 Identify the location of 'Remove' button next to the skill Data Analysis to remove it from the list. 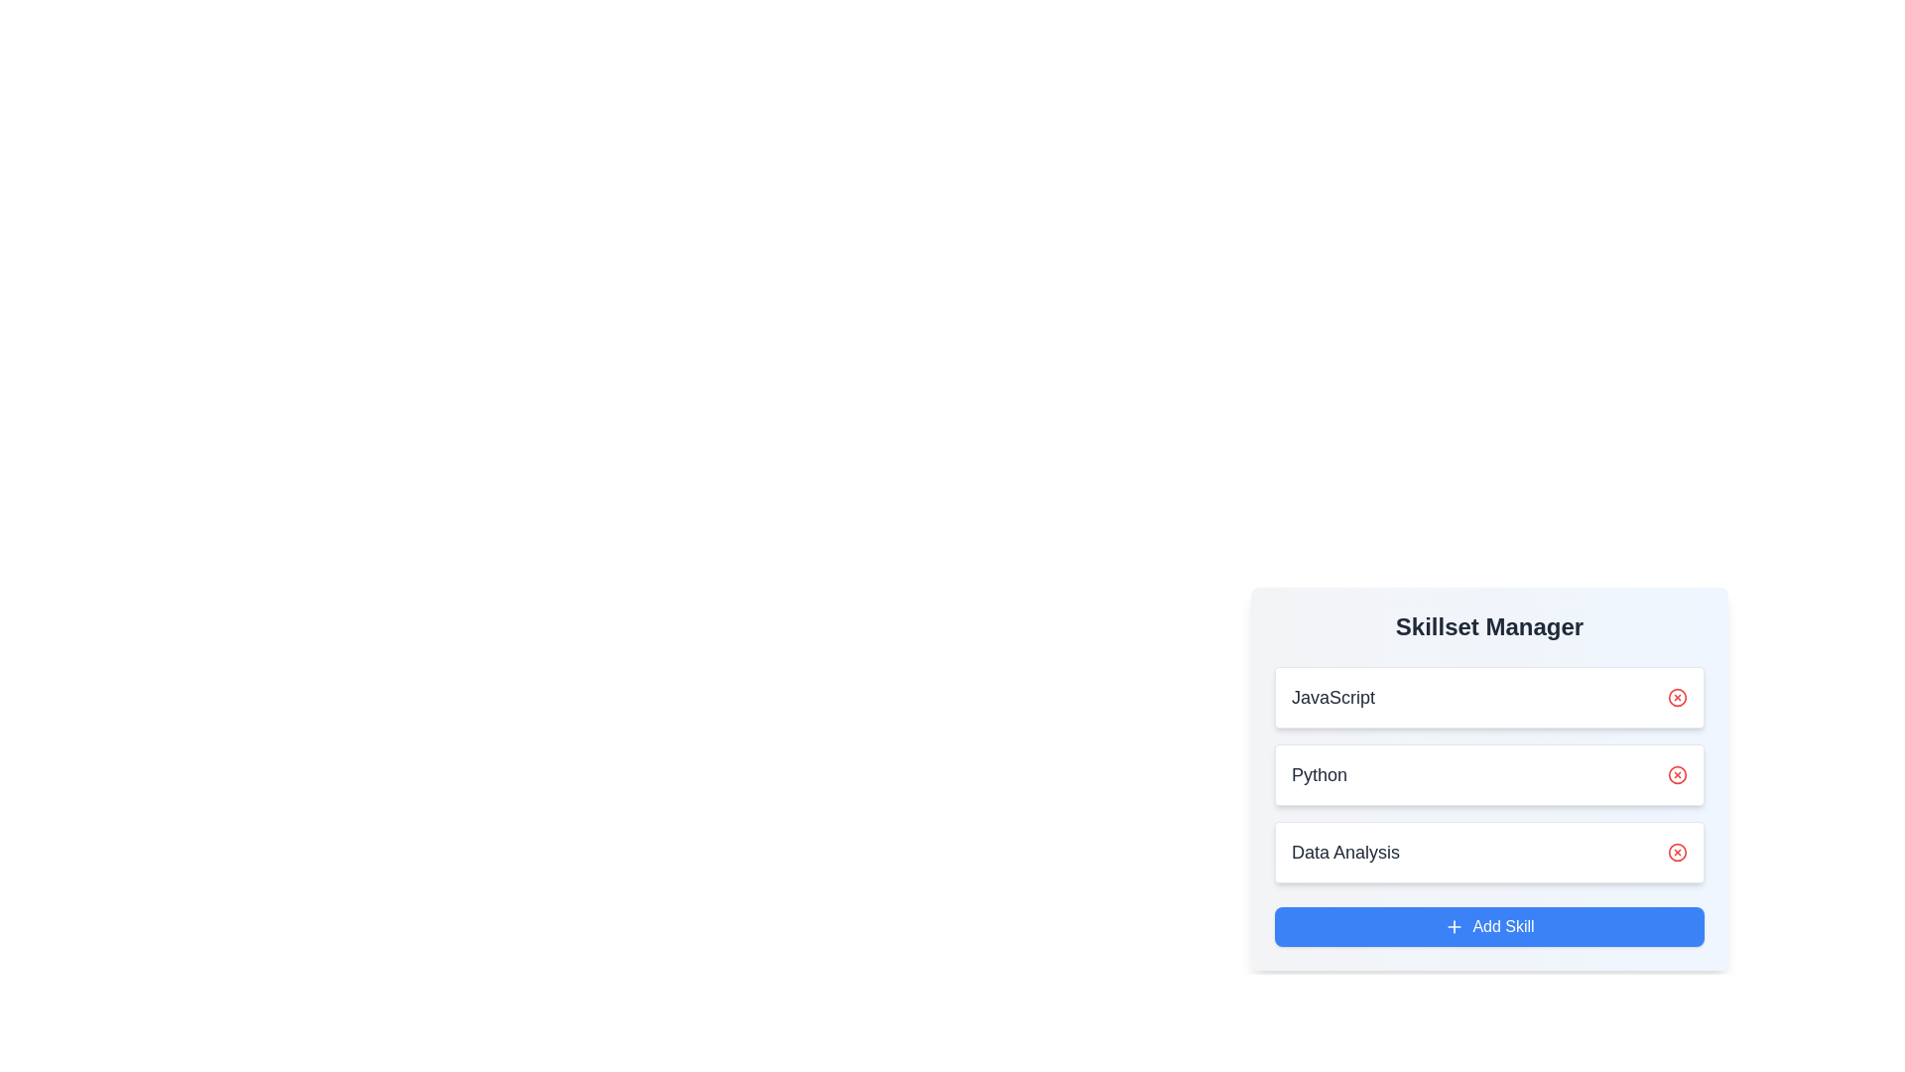
(1676, 852).